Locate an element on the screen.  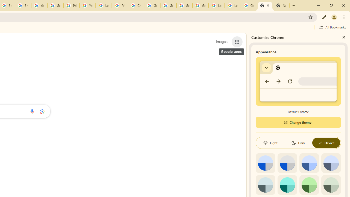
'New Tab' is located at coordinates (265, 5).